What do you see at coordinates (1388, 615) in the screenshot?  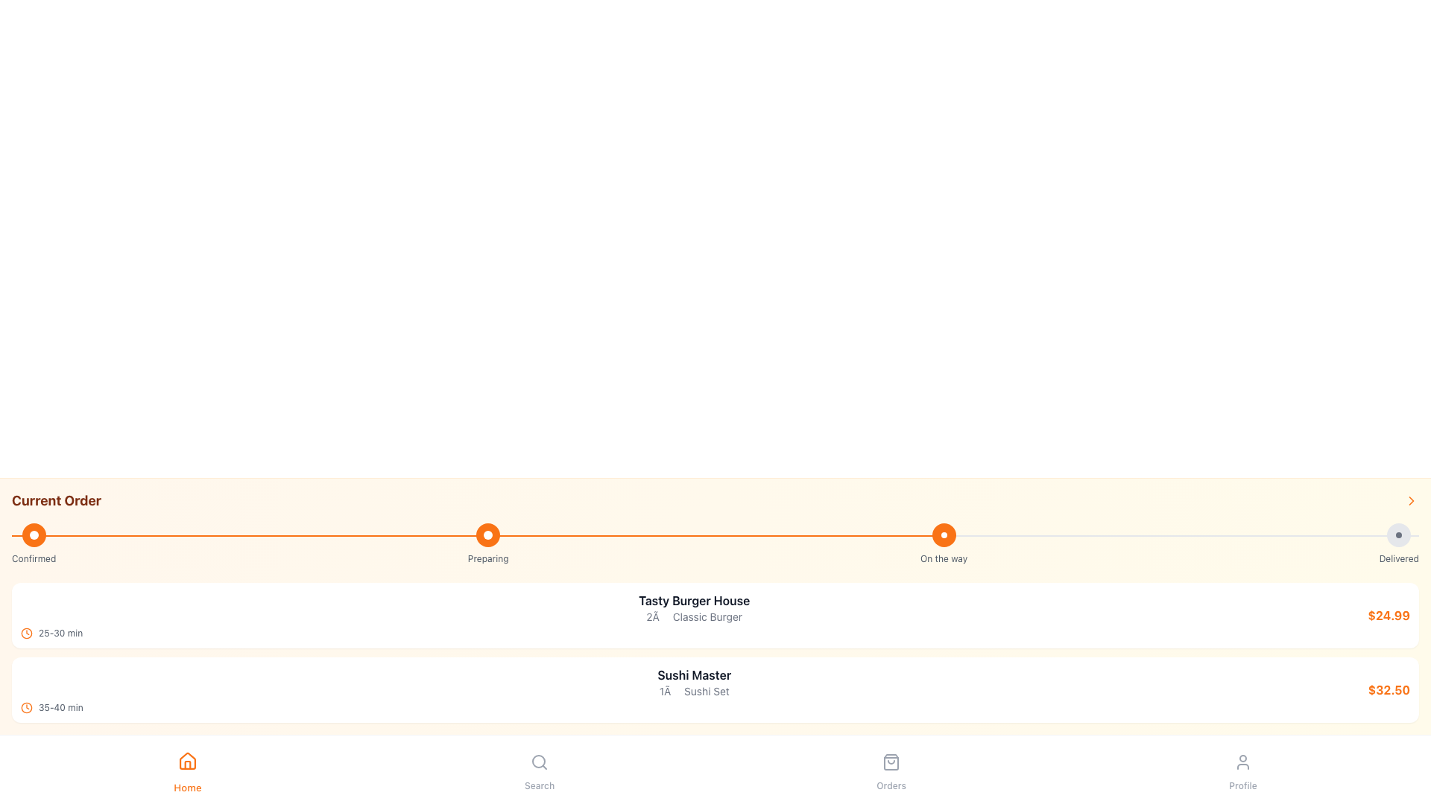 I see `displayed price '$24.99' from the bold orange text in the top-right corner of the order card` at bounding box center [1388, 615].